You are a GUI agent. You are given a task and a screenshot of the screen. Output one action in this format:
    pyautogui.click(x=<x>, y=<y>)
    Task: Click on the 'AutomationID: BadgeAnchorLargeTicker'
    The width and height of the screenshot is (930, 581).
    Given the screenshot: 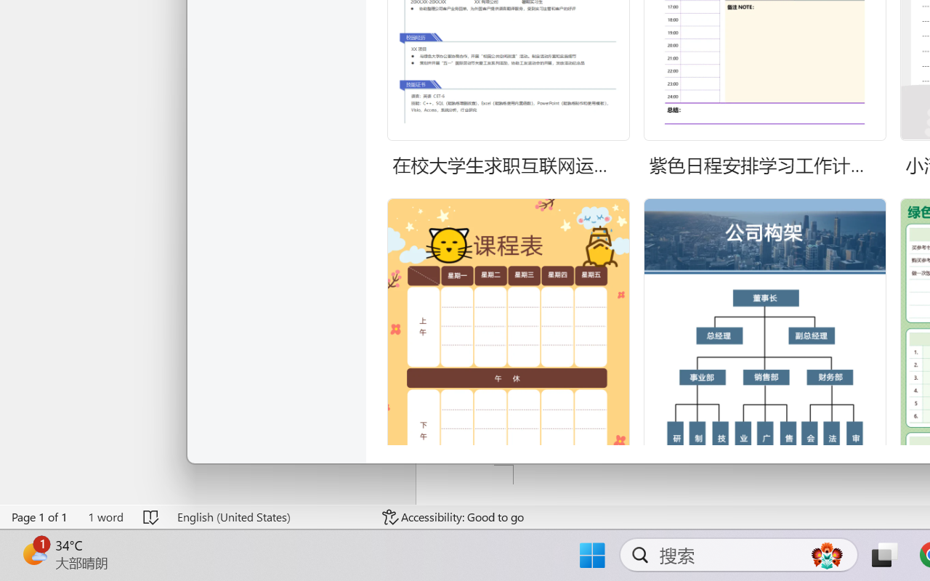 What is the action you would take?
    pyautogui.click(x=33, y=553)
    